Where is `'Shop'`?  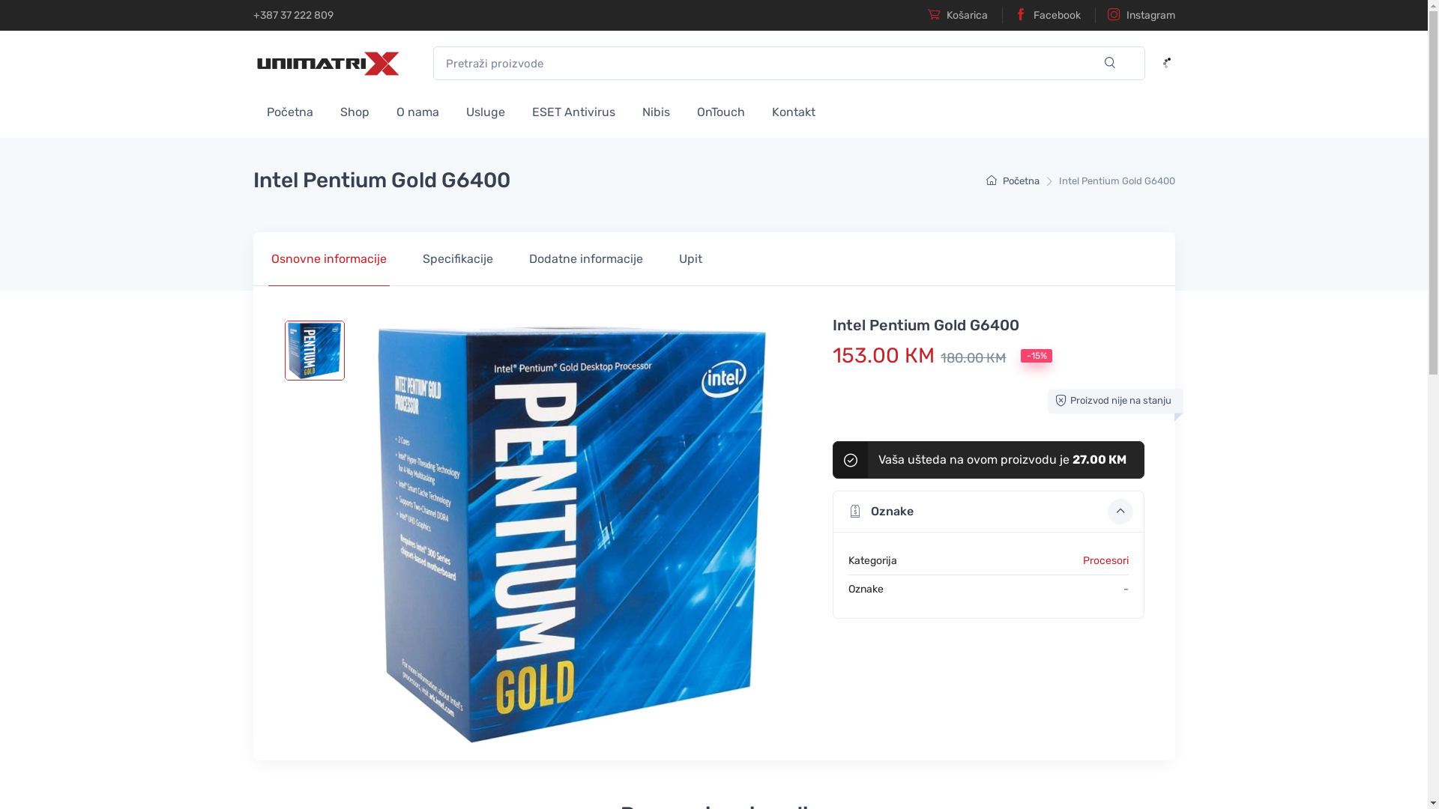 'Shop' is located at coordinates (354, 109).